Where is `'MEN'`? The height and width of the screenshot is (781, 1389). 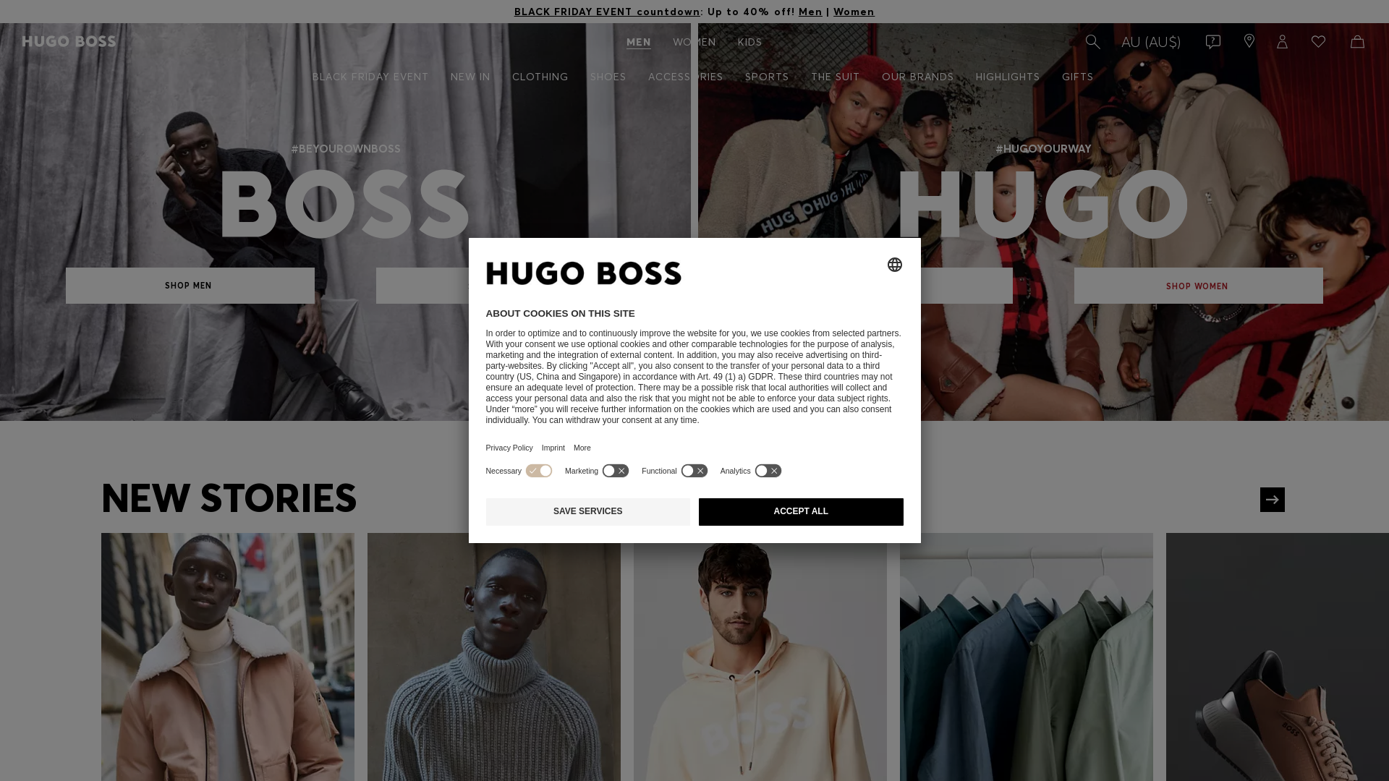
'MEN' is located at coordinates (638, 41).